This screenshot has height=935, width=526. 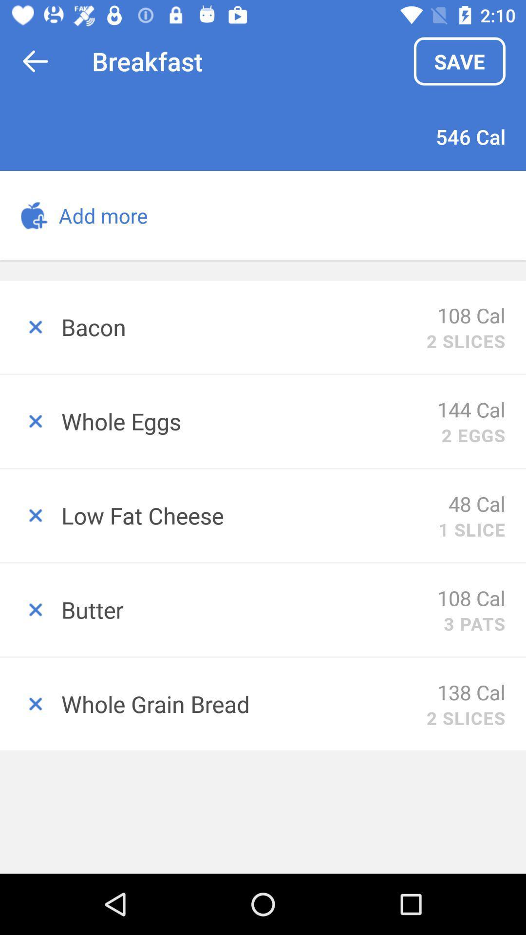 What do you see at coordinates (30, 704) in the screenshot?
I see `delete list item` at bounding box center [30, 704].